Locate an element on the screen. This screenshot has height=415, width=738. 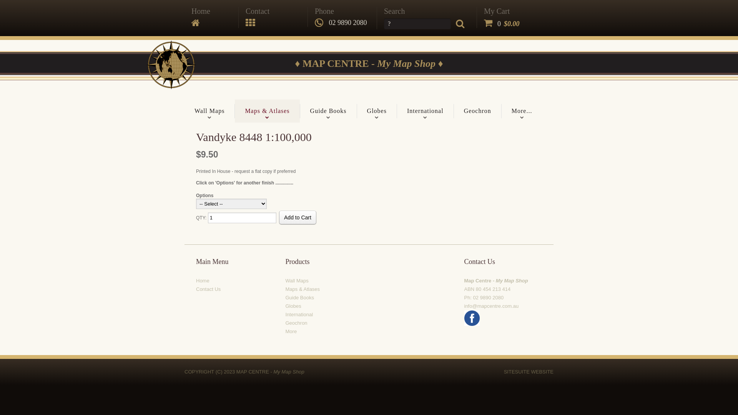
'Home' is located at coordinates (196, 281).